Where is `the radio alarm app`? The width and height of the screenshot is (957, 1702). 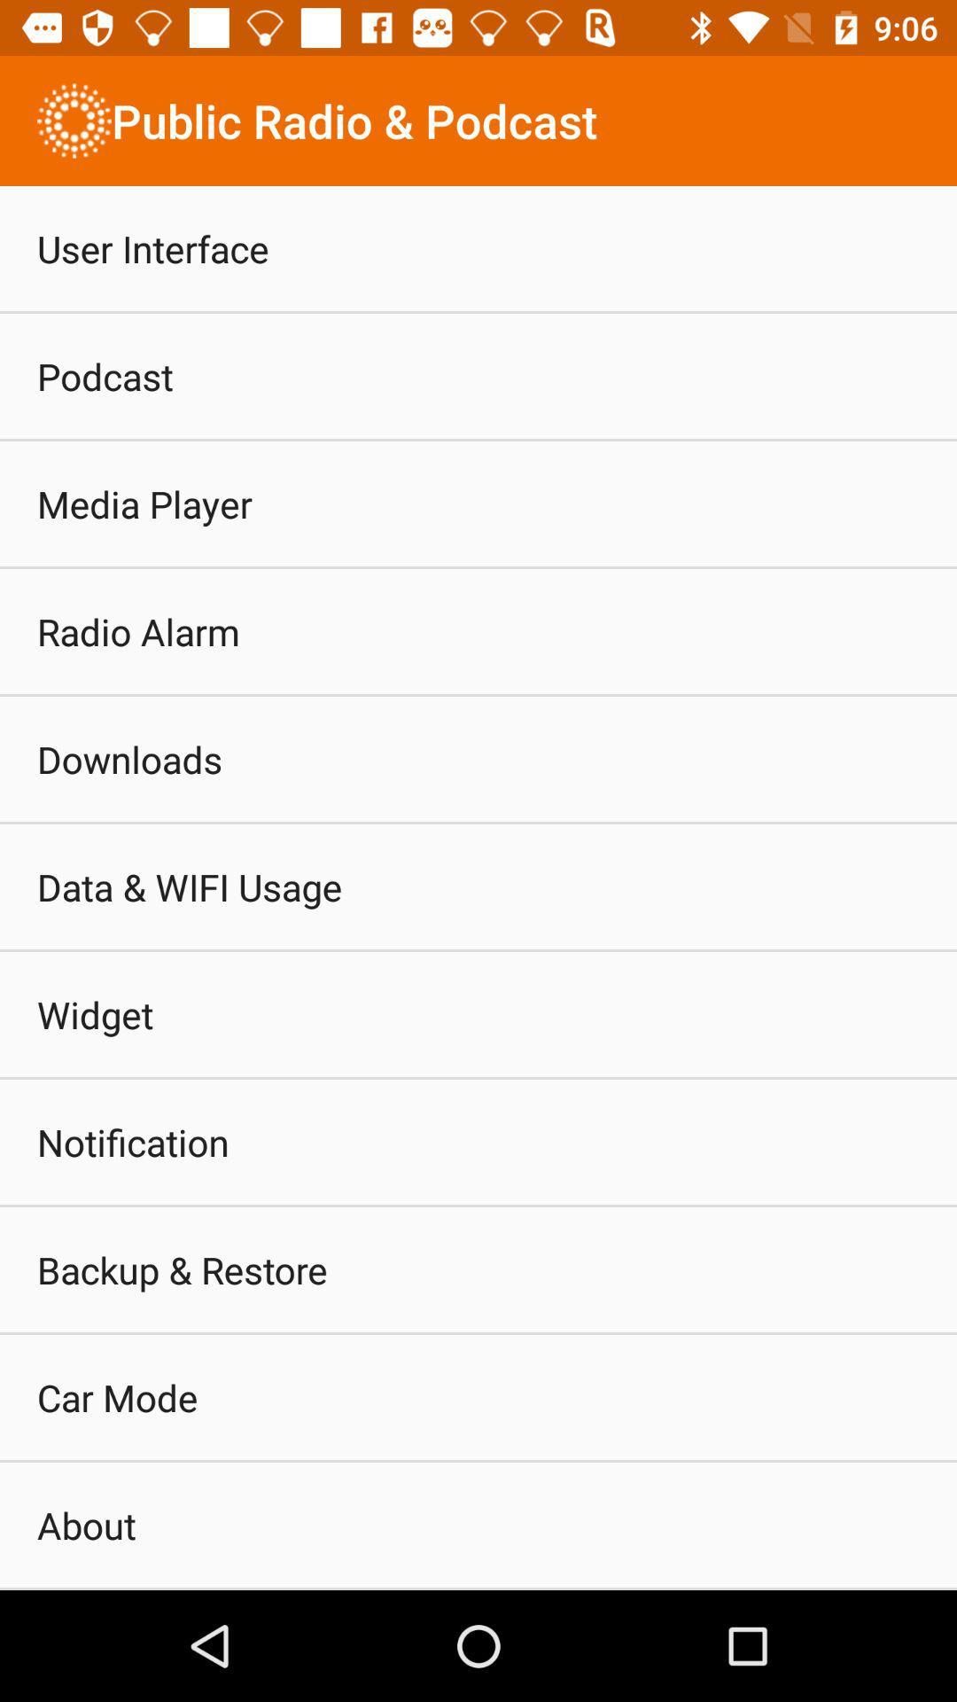
the radio alarm app is located at coordinates (137, 631).